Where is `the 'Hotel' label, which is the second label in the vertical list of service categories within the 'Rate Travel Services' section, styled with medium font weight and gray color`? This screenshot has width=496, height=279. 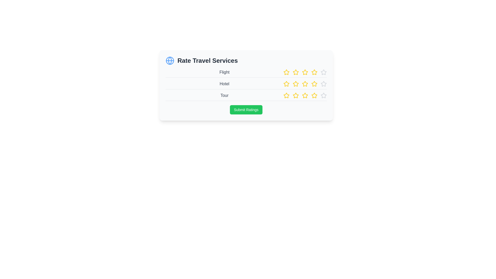
the 'Hotel' label, which is the second label in the vertical list of service categories within the 'Rate Travel Services' section, styled with medium font weight and gray color is located at coordinates (224, 83).